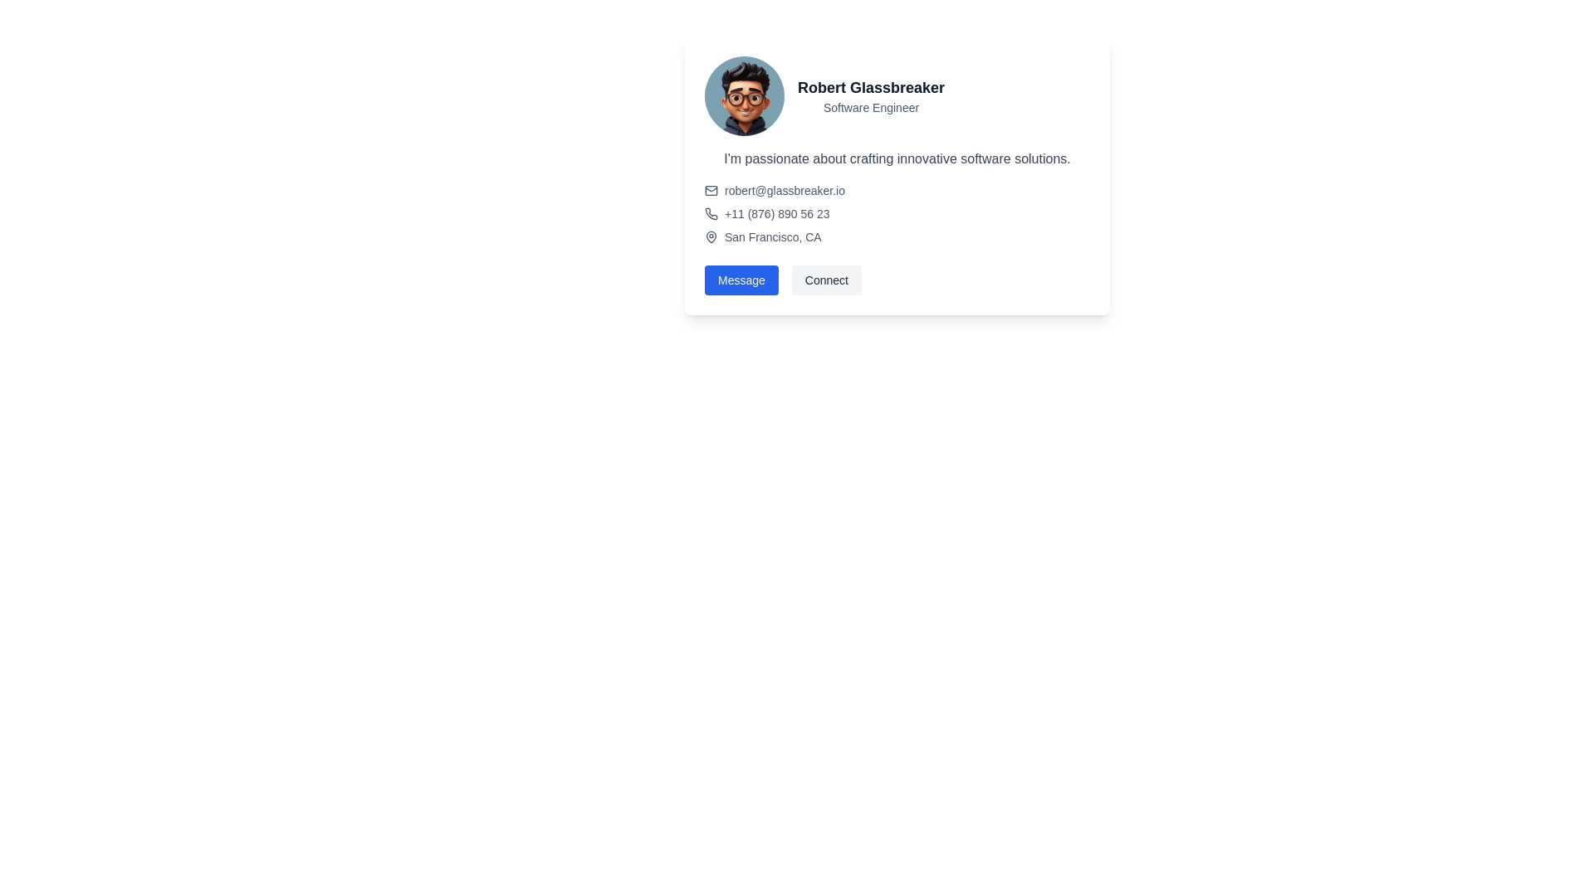 This screenshot has width=1594, height=896. What do you see at coordinates (870, 87) in the screenshot?
I see `text element displaying the name 'Robert Glassbreaker', which is in bold, large-sized font and prominently located at the upper-left corner of the profile card layout` at bounding box center [870, 87].